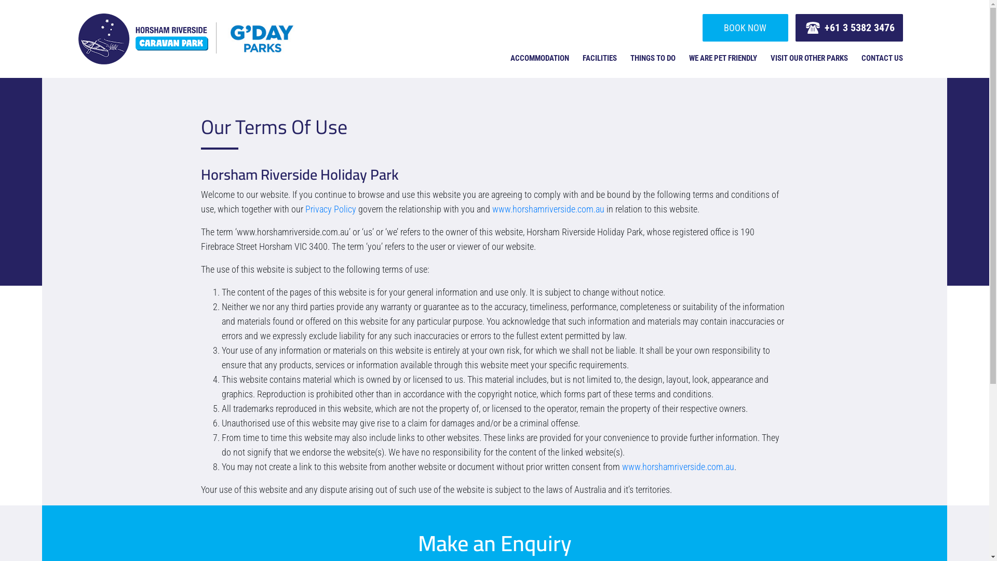 The height and width of the screenshot is (561, 997). Describe the element at coordinates (548, 209) in the screenshot. I see `'www.horshamriverside.com.au'` at that location.